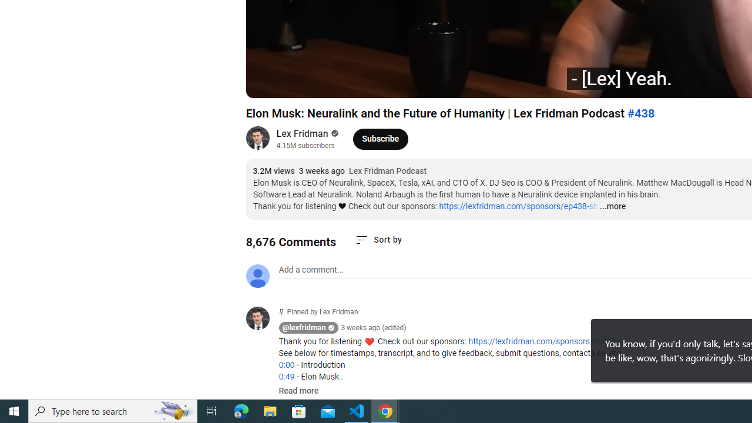 The image size is (752, 423). What do you see at coordinates (381, 138) in the screenshot?
I see `'Subscribe to Lex Fridman.'` at bounding box center [381, 138].